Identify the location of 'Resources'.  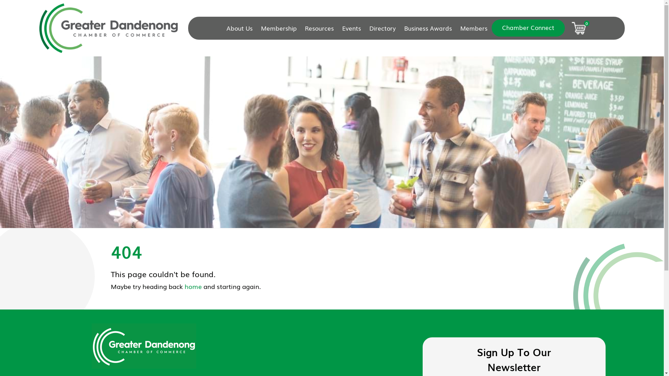
(319, 28).